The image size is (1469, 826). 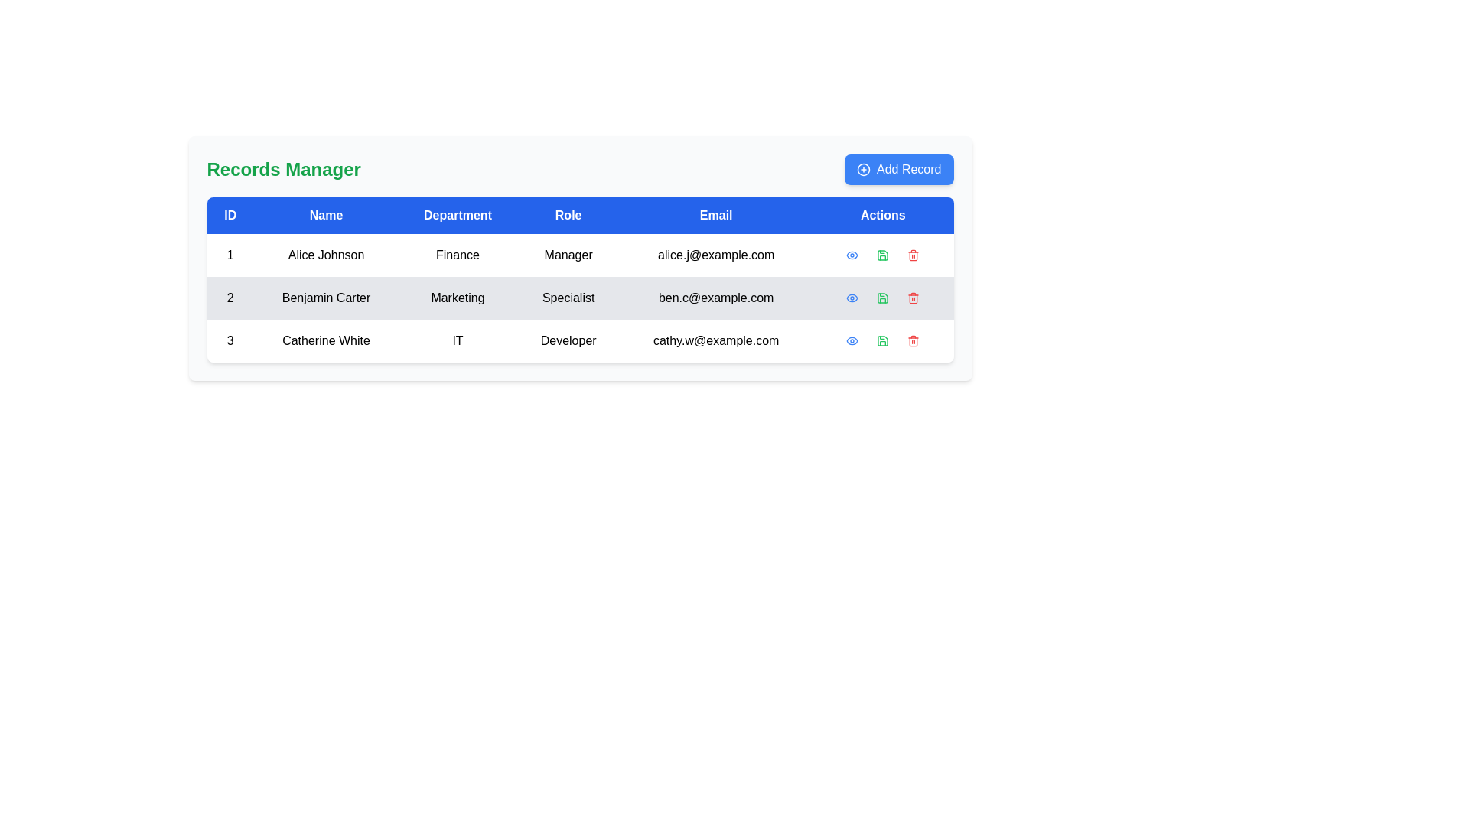 What do you see at coordinates (284, 170) in the screenshot?
I see `the 'Records Manager' text label, which serves as the header for the interface in the current view` at bounding box center [284, 170].